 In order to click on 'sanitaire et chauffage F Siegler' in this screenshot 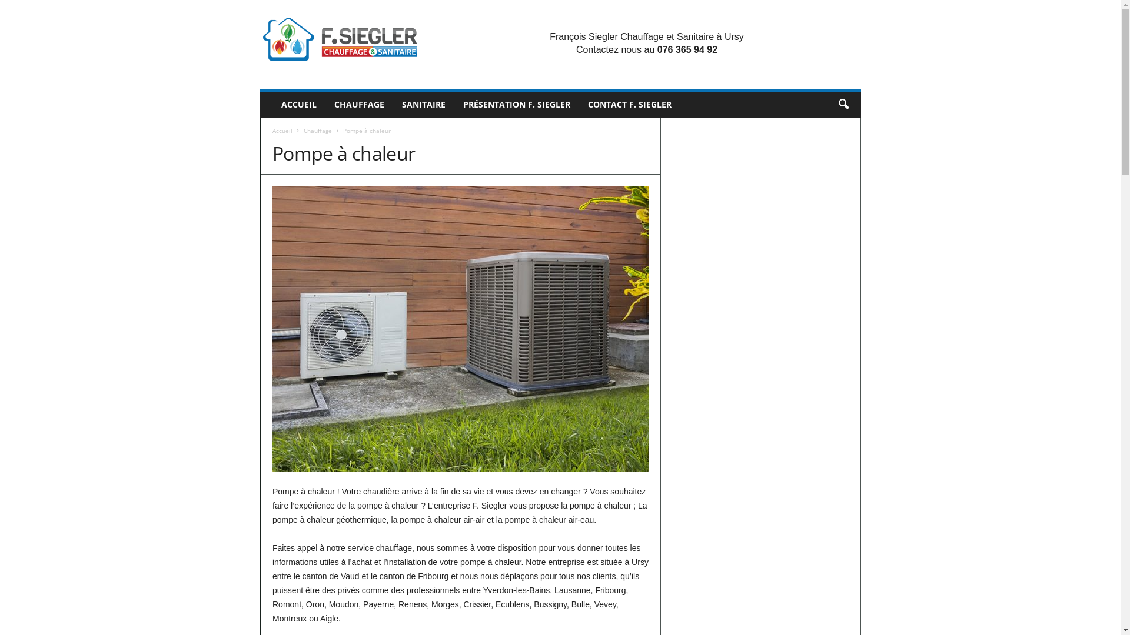, I will do `click(339, 38)`.